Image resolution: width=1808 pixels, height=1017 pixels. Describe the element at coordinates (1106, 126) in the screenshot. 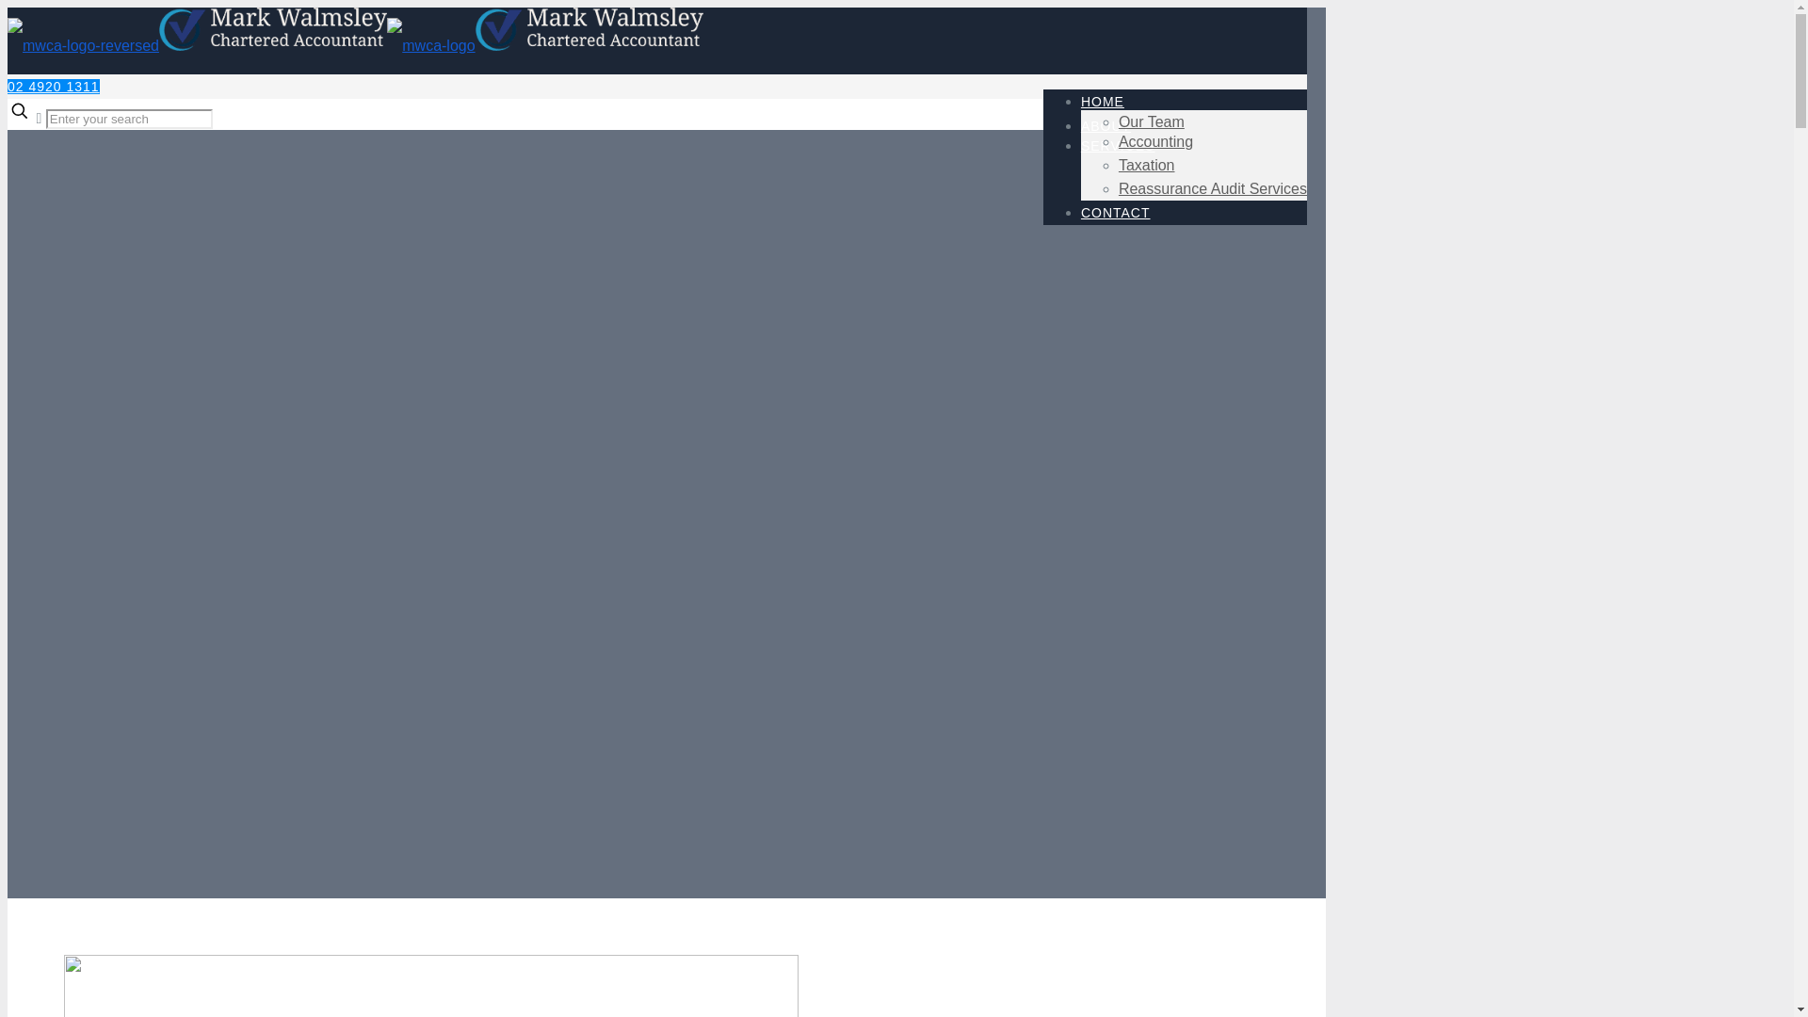

I see `'ABOUT'` at that location.